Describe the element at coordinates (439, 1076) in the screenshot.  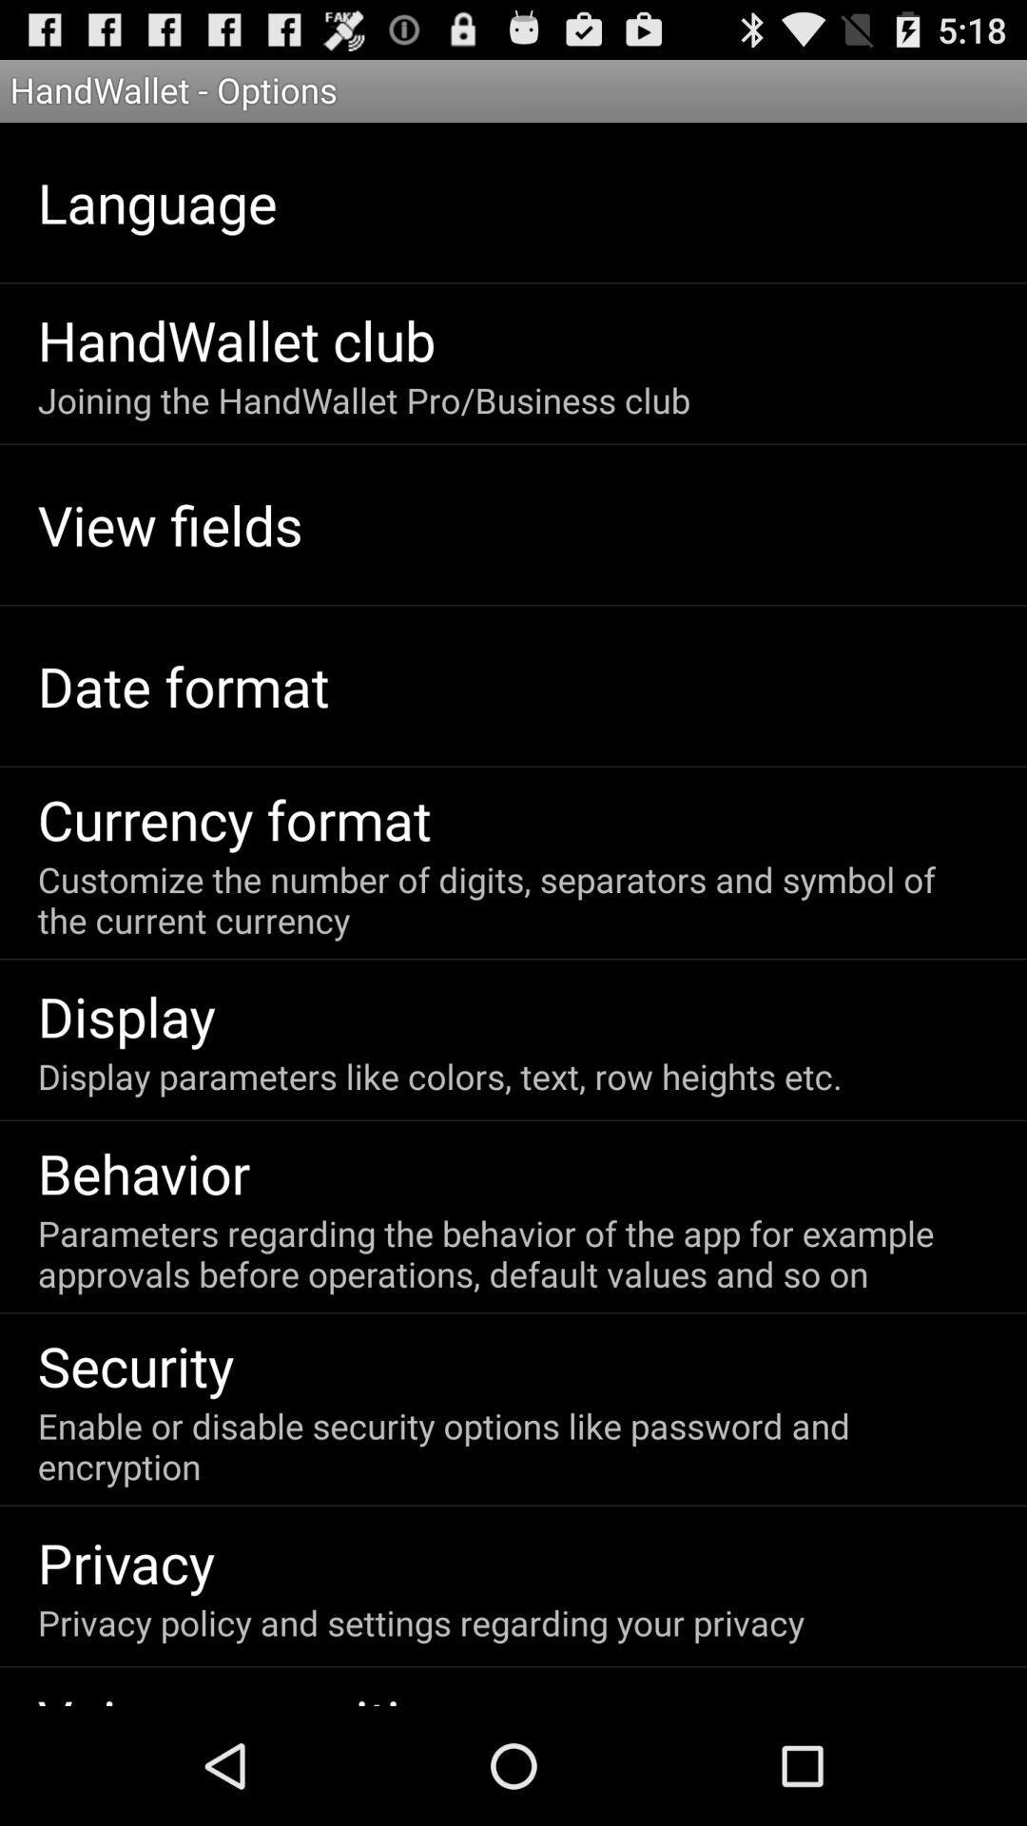
I see `display parameters like icon` at that location.